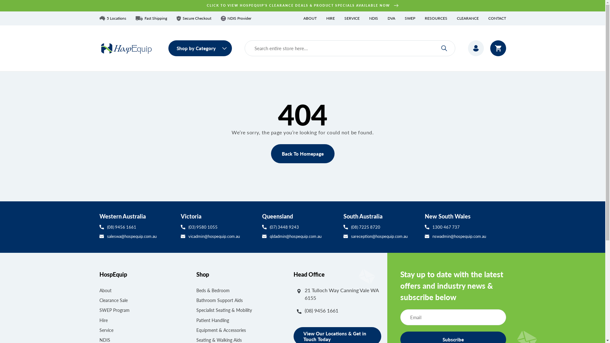 This screenshot has width=610, height=343. I want to click on 'qldadmin@hospequip.com.au', so click(299, 236).